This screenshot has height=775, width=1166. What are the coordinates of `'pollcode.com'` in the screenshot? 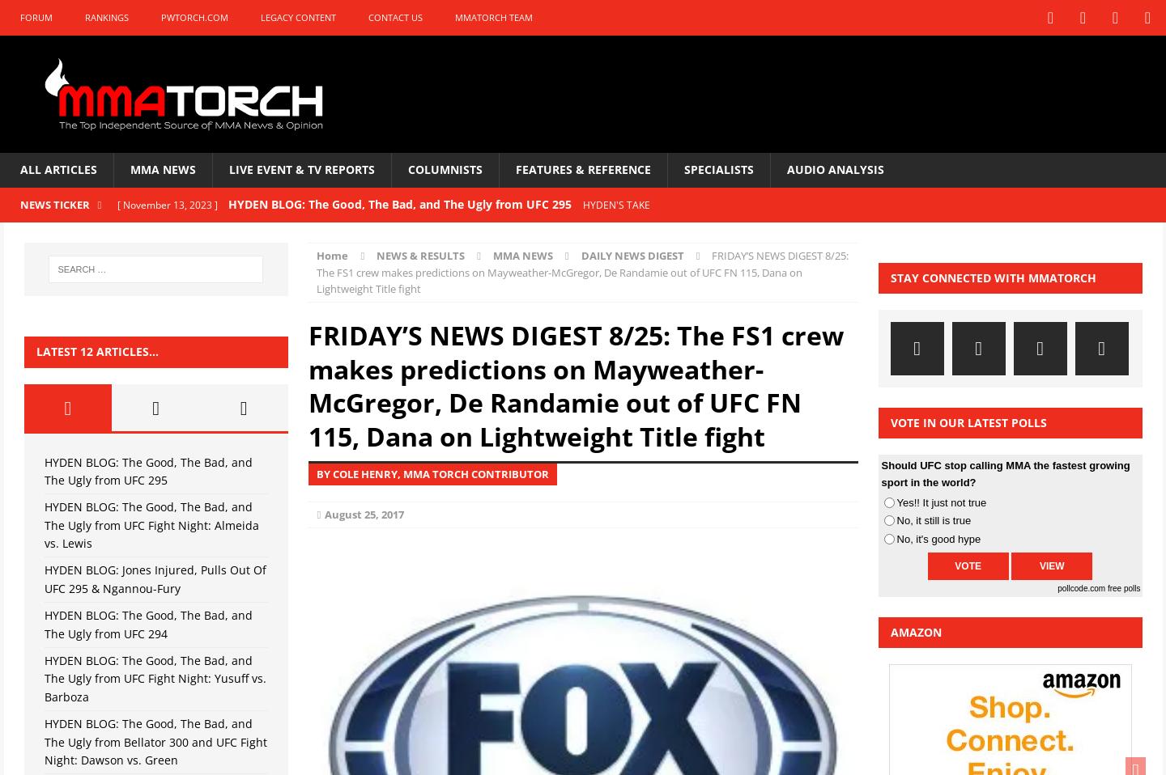 It's located at (1081, 588).